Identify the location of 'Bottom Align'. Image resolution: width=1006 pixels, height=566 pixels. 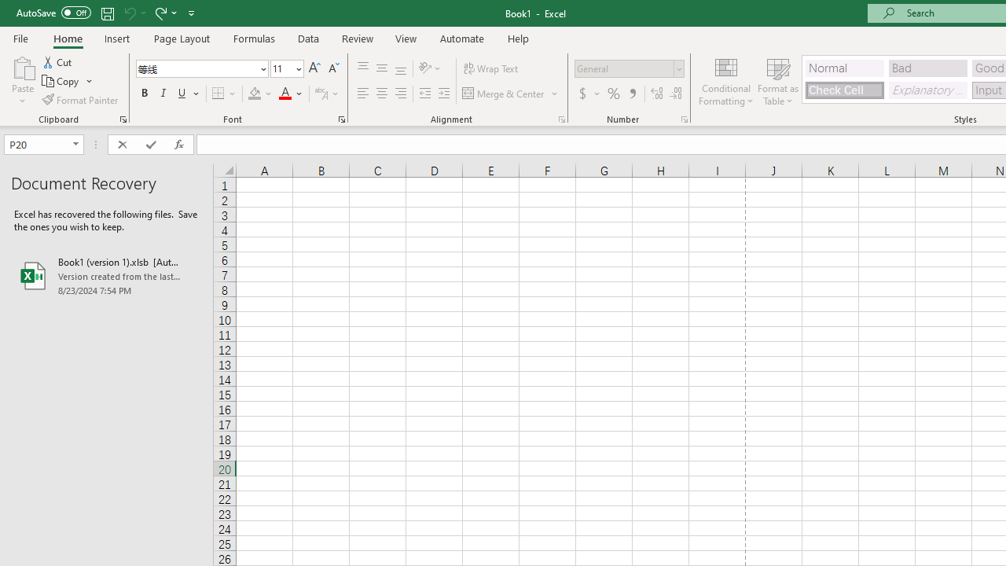
(401, 68).